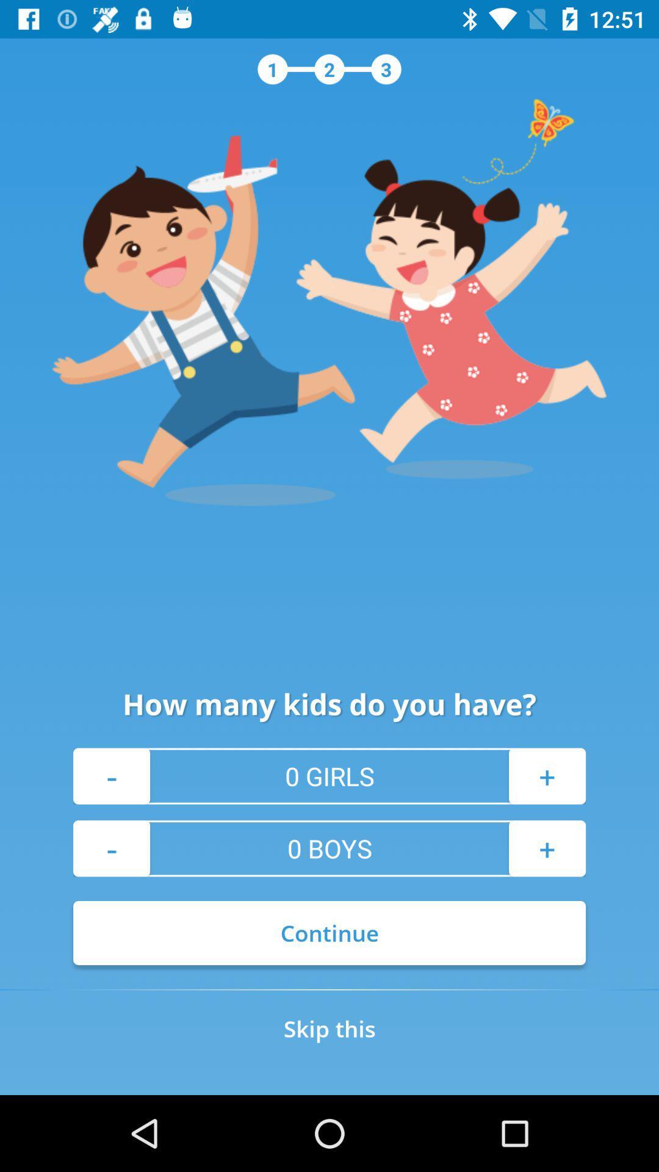 The height and width of the screenshot is (1172, 659). Describe the element at coordinates (547, 848) in the screenshot. I see `the icon above continue item` at that location.